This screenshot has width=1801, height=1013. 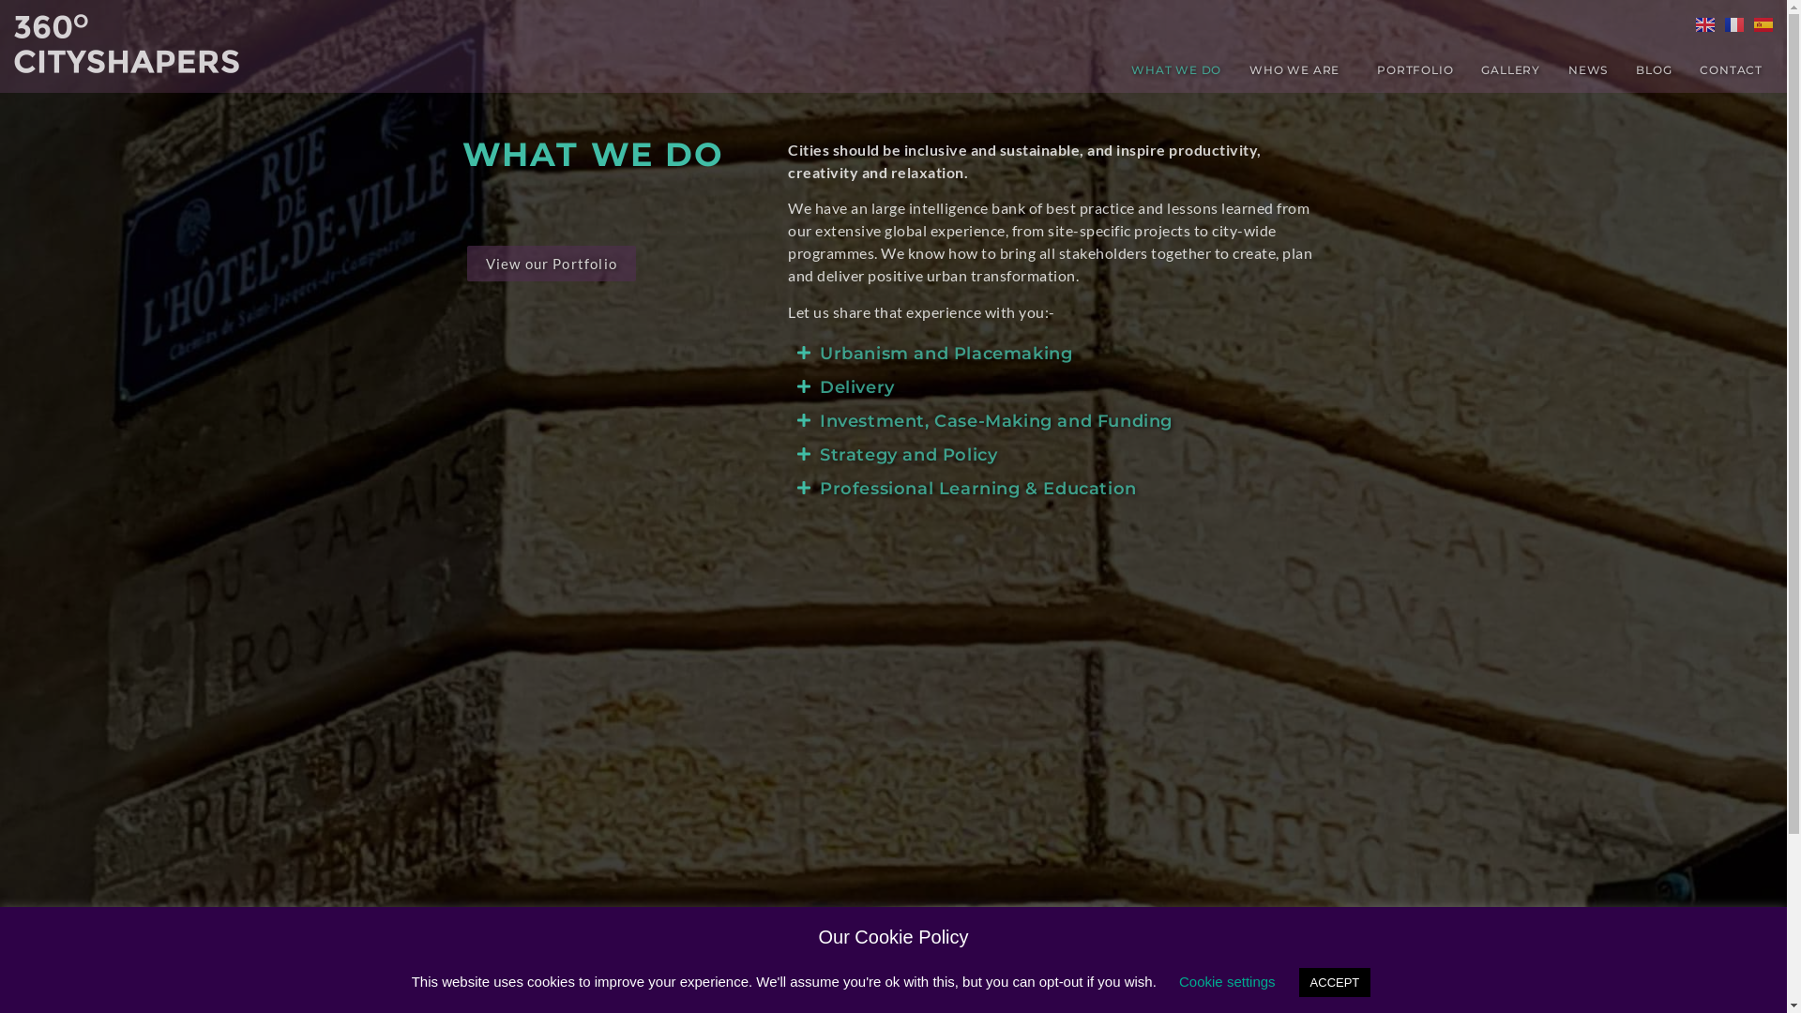 What do you see at coordinates (1174, 68) in the screenshot?
I see `'WHAT WE DO'` at bounding box center [1174, 68].